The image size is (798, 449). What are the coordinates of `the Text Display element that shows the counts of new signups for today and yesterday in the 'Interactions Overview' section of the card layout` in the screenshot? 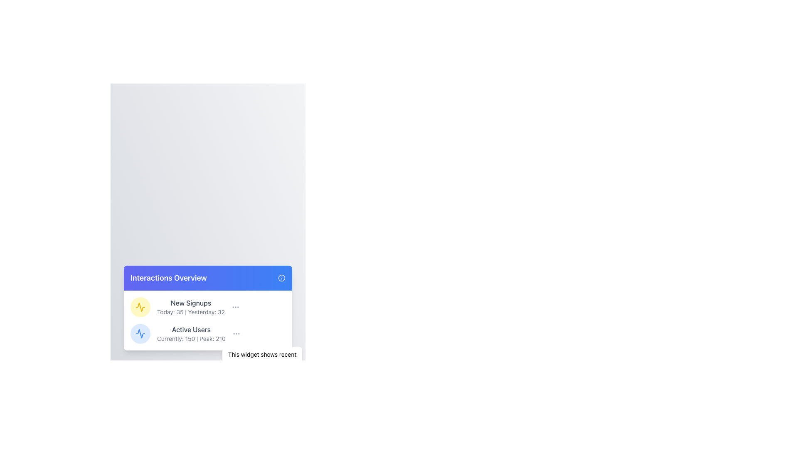 It's located at (190, 307).